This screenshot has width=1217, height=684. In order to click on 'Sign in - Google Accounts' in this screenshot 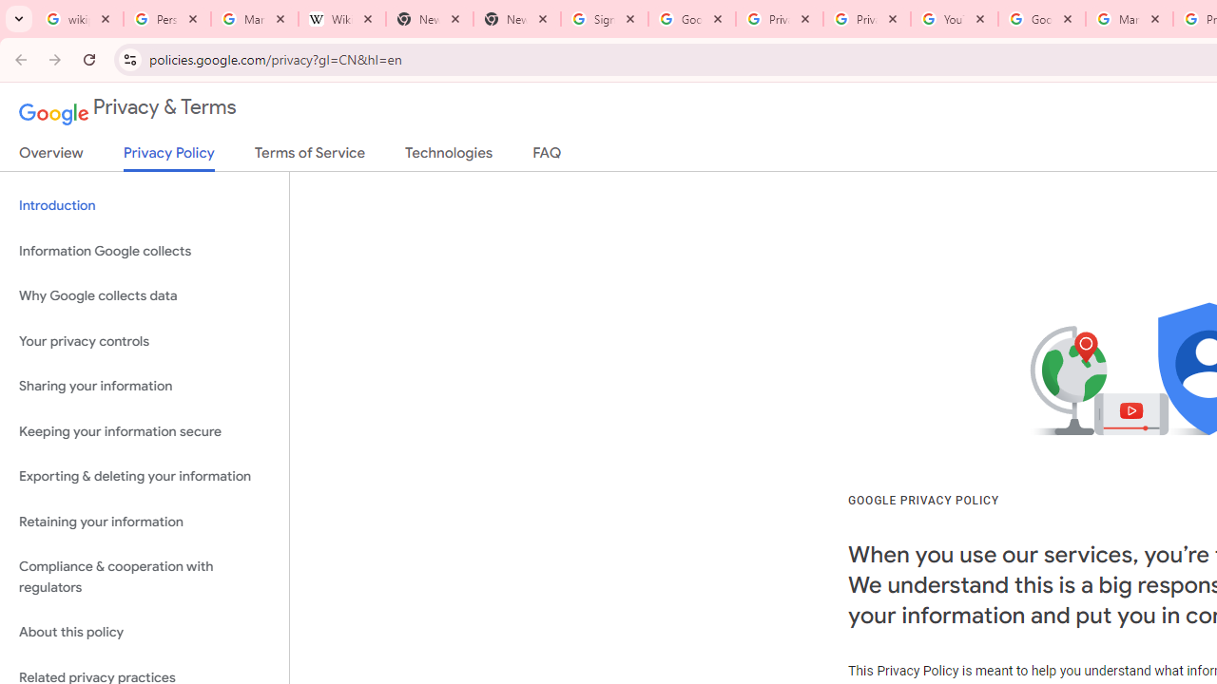, I will do `click(604, 19)`.